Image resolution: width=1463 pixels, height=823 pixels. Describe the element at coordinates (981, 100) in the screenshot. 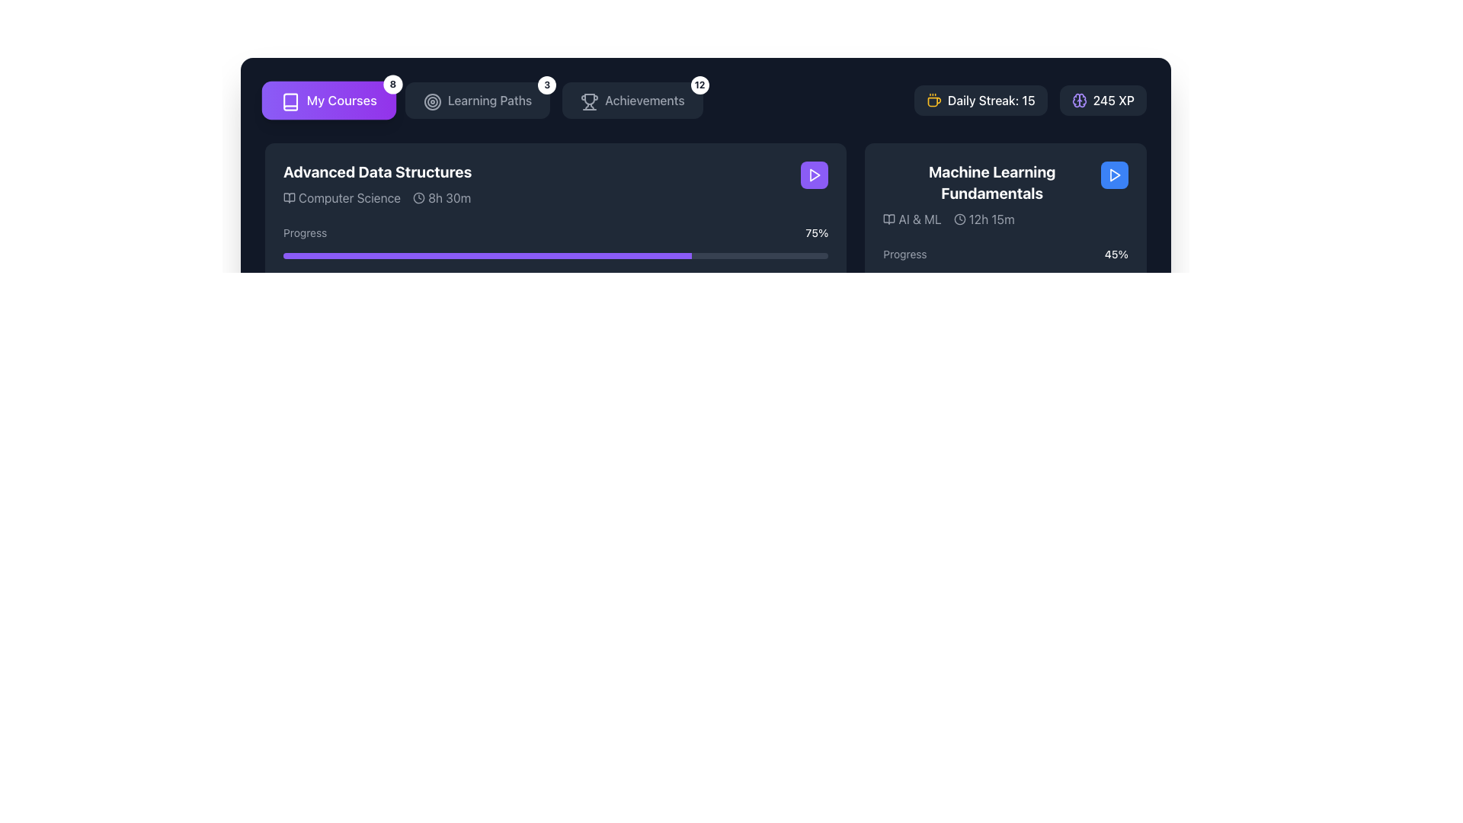

I see `the informational label with the amber coffee cup icon and the text 'Daily Streak: 15' located at the top-right corner of the interface` at that location.